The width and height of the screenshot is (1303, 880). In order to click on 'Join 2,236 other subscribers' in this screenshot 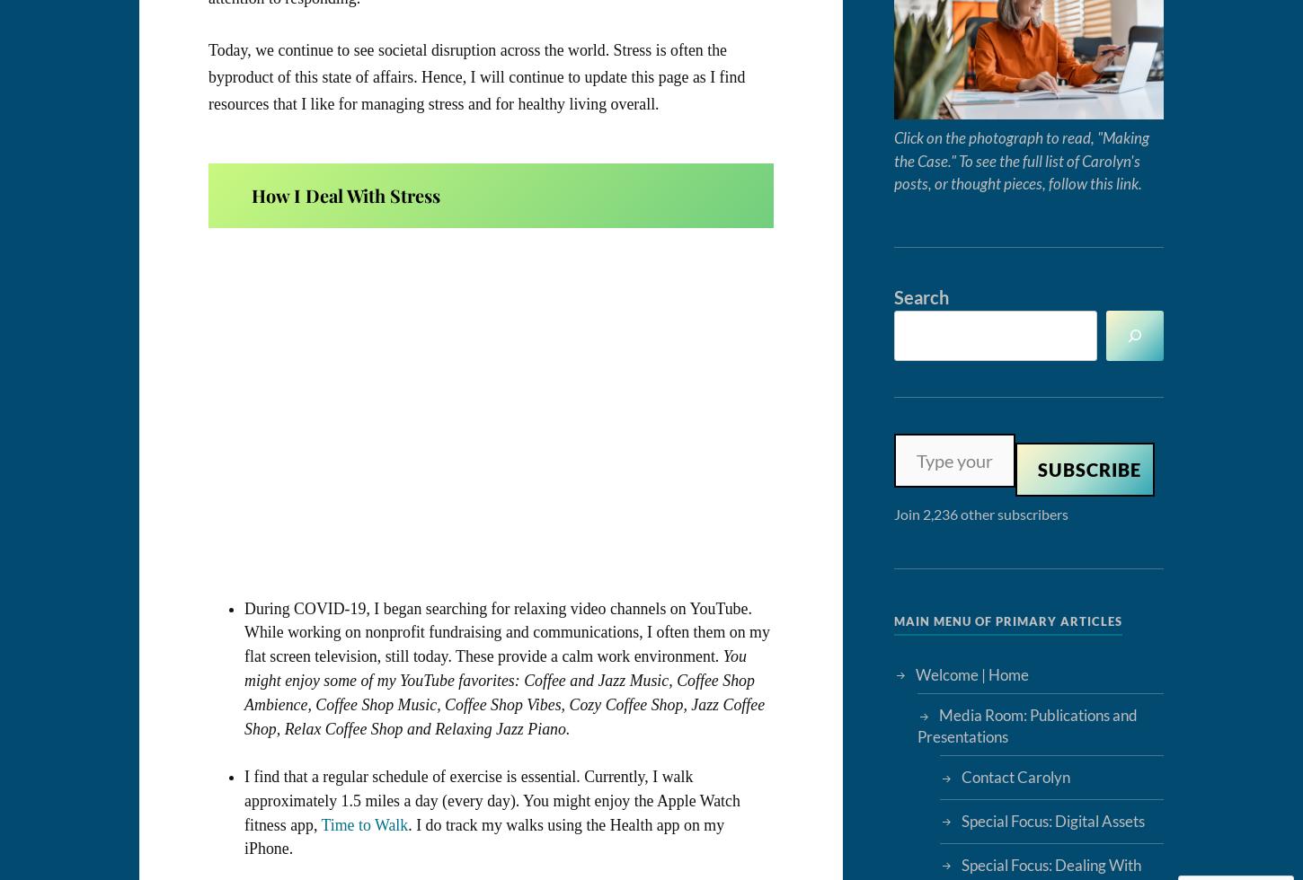, I will do `click(979, 513)`.